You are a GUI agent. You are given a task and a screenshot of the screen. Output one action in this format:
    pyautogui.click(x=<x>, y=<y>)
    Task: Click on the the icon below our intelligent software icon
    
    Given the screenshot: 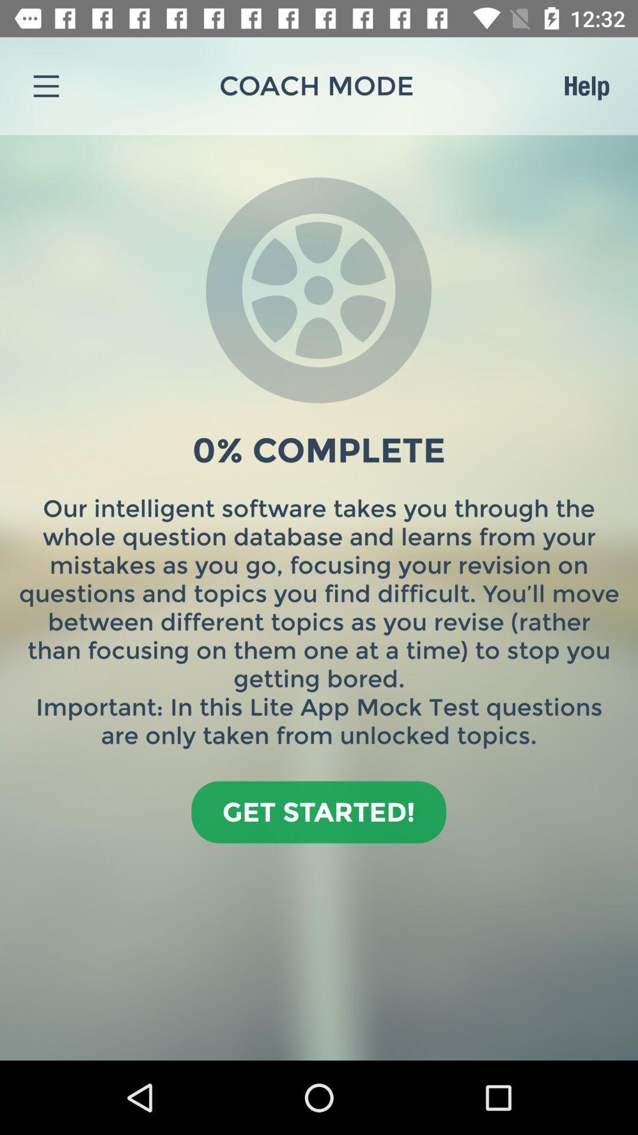 What is the action you would take?
    pyautogui.click(x=318, y=811)
    